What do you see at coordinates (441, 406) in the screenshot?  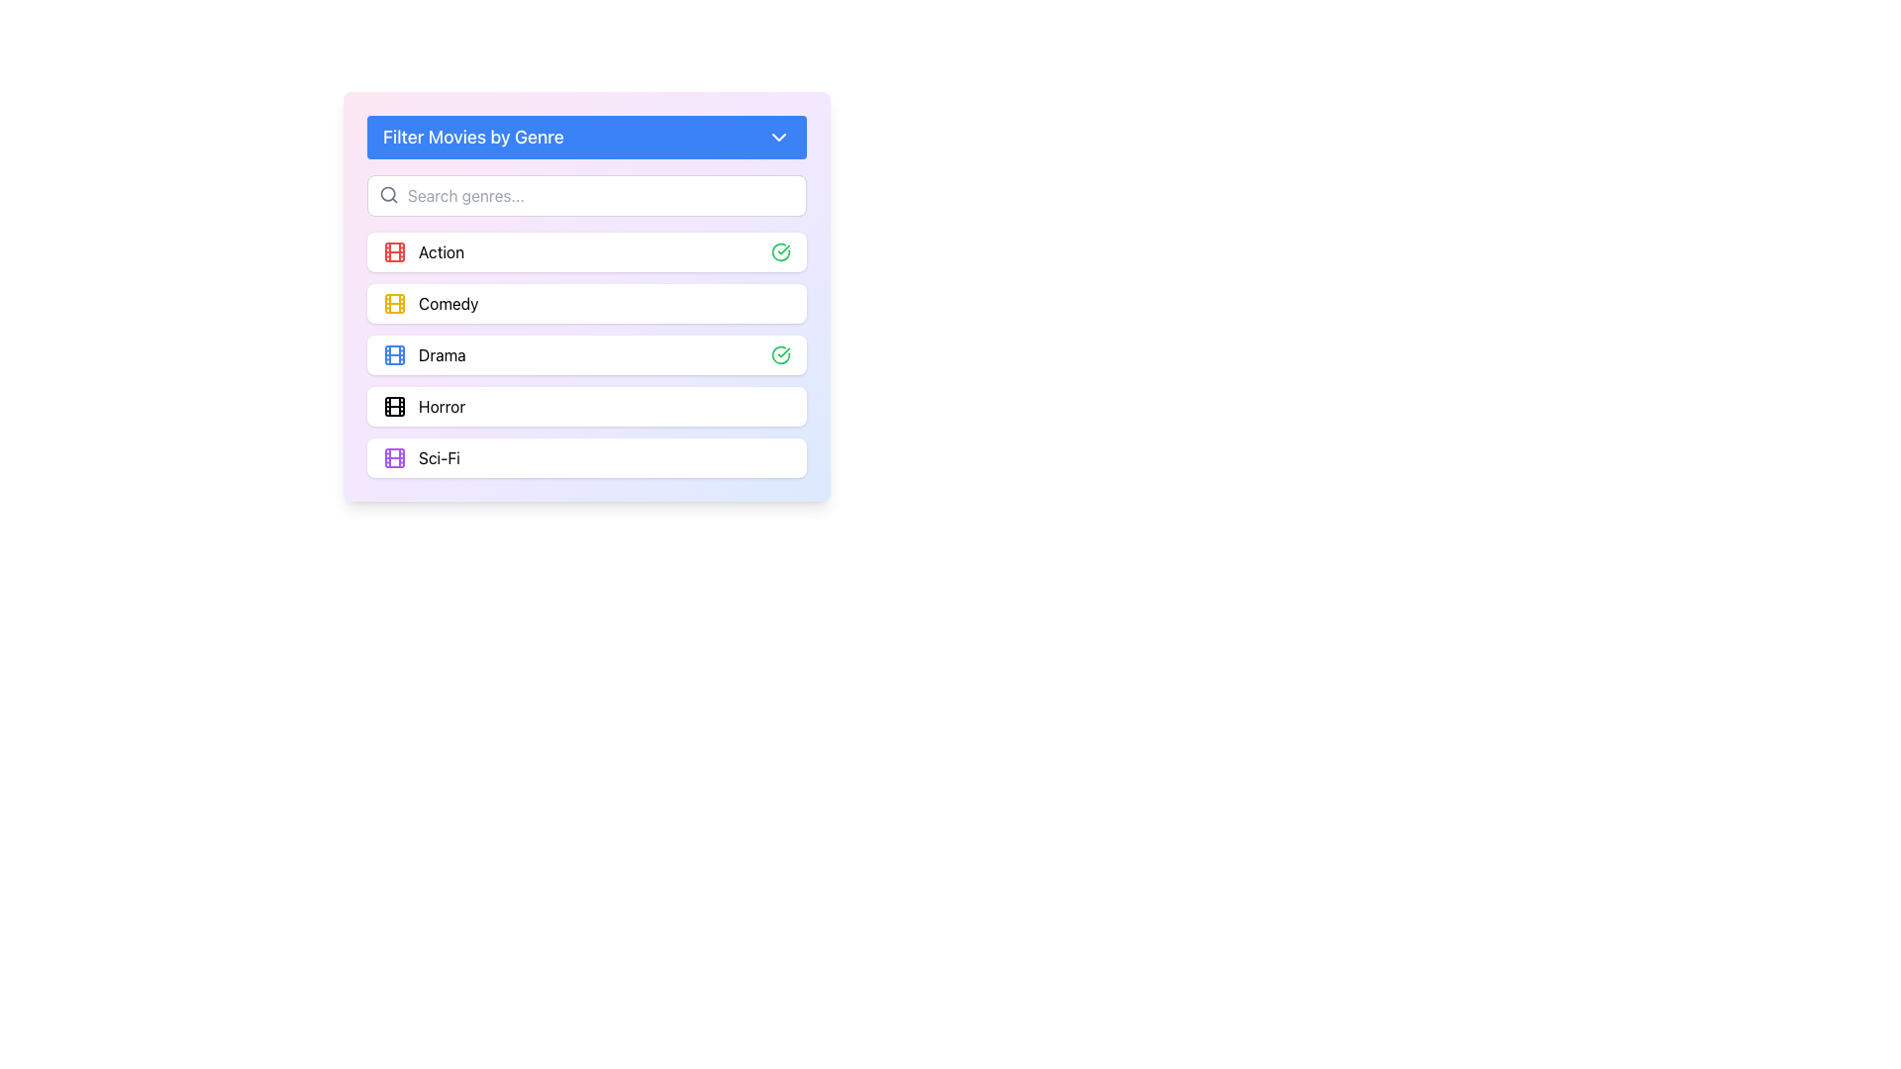 I see `the text label displaying 'Horror' in the 'Filter Movies by Genre' menu, which is positioned below 'Drama' and above 'Sci-Fi'` at bounding box center [441, 406].